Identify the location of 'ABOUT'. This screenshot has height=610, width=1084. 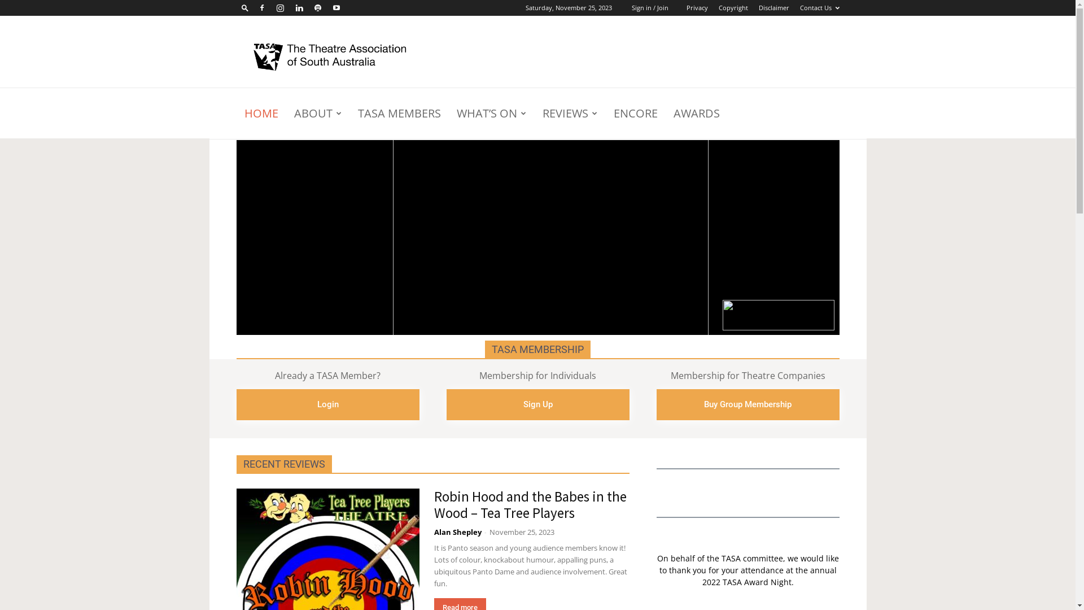
(317, 113).